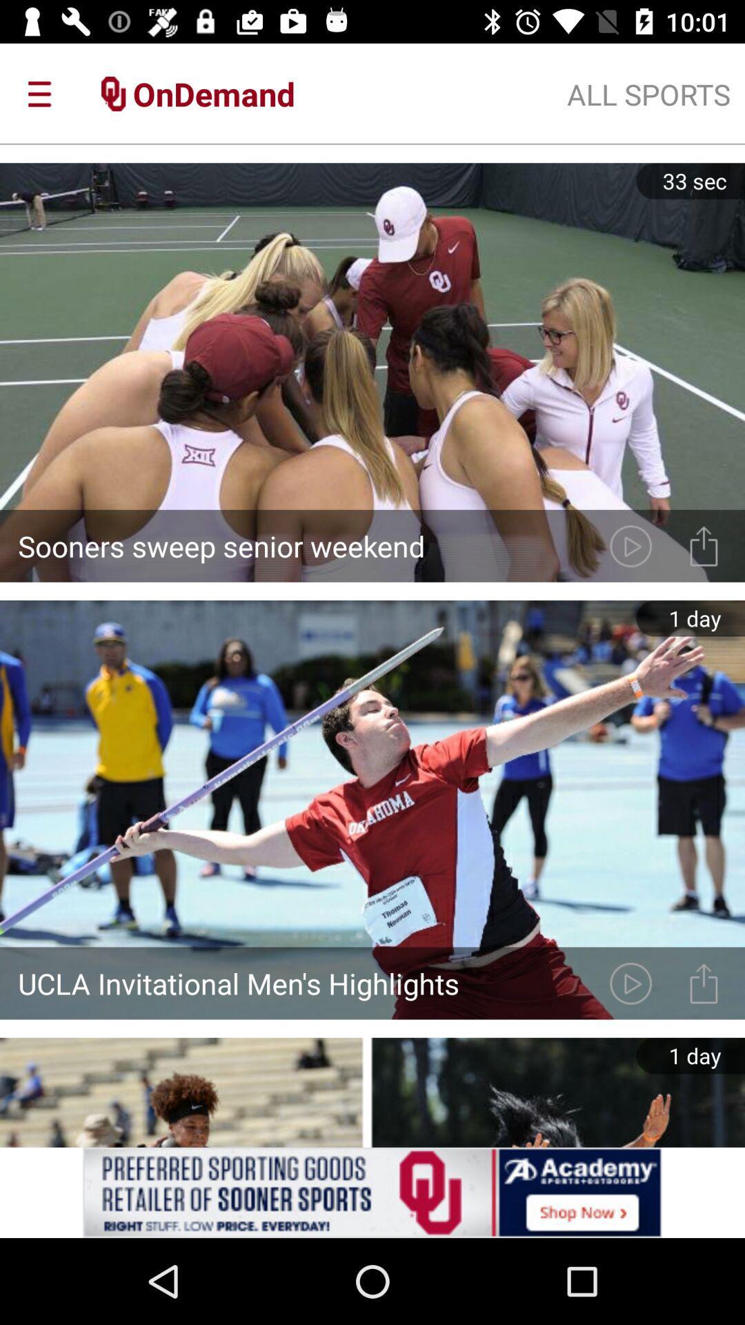  What do you see at coordinates (630, 983) in the screenshot?
I see `open video` at bounding box center [630, 983].